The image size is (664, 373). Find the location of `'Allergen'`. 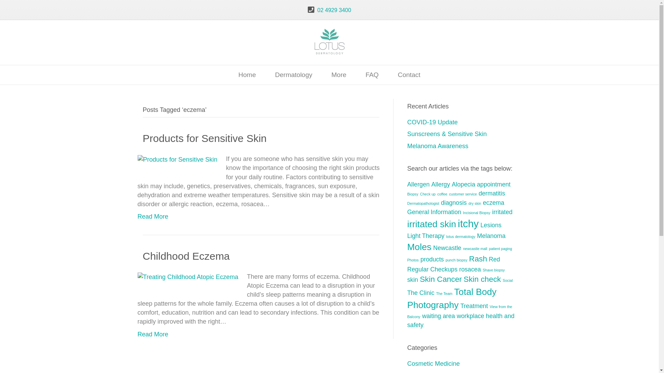

'Allergen' is located at coordinates (418, 184).